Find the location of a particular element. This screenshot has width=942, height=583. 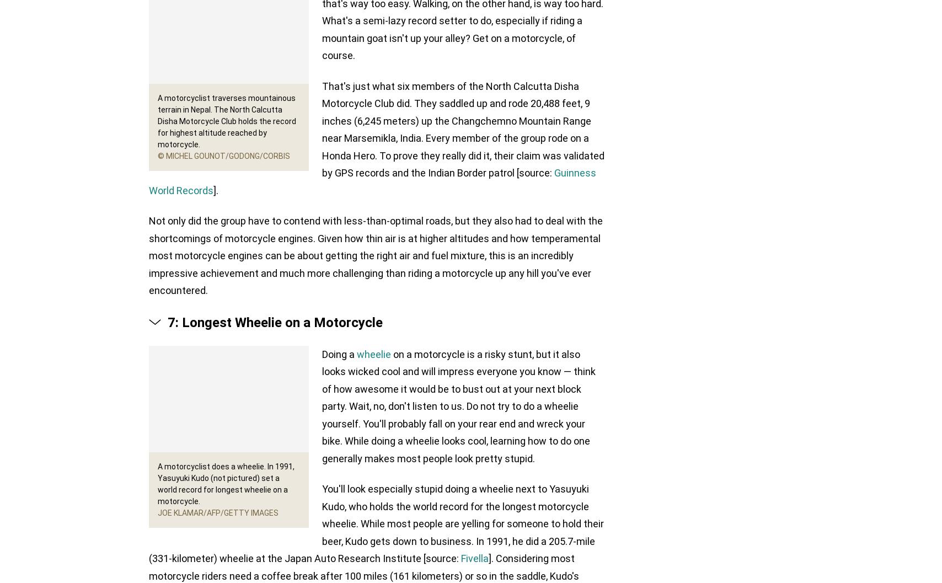

'That's just what six members of the North Calcutta Disha Motorcycle Club did. They saddled up and rode 20,488 feet, 9 inches (6,245 meters) up the Changchemno Mountain Range near Marsemikla, India. Every member of the group rode on a Honda Hero. To prove they really did it, their claim was validated by GPS records and the Indian Border patrol [source:' is located at coordinates (463, 129).